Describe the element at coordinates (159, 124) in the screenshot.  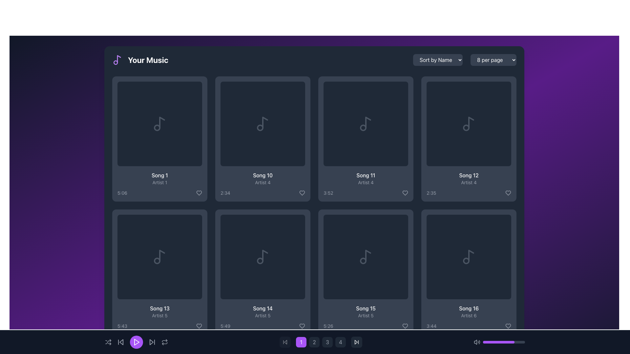
I see `musical note icon located in the top-left song card of the grid layout, which represents music or audio content for 'Song 1'` at that location.